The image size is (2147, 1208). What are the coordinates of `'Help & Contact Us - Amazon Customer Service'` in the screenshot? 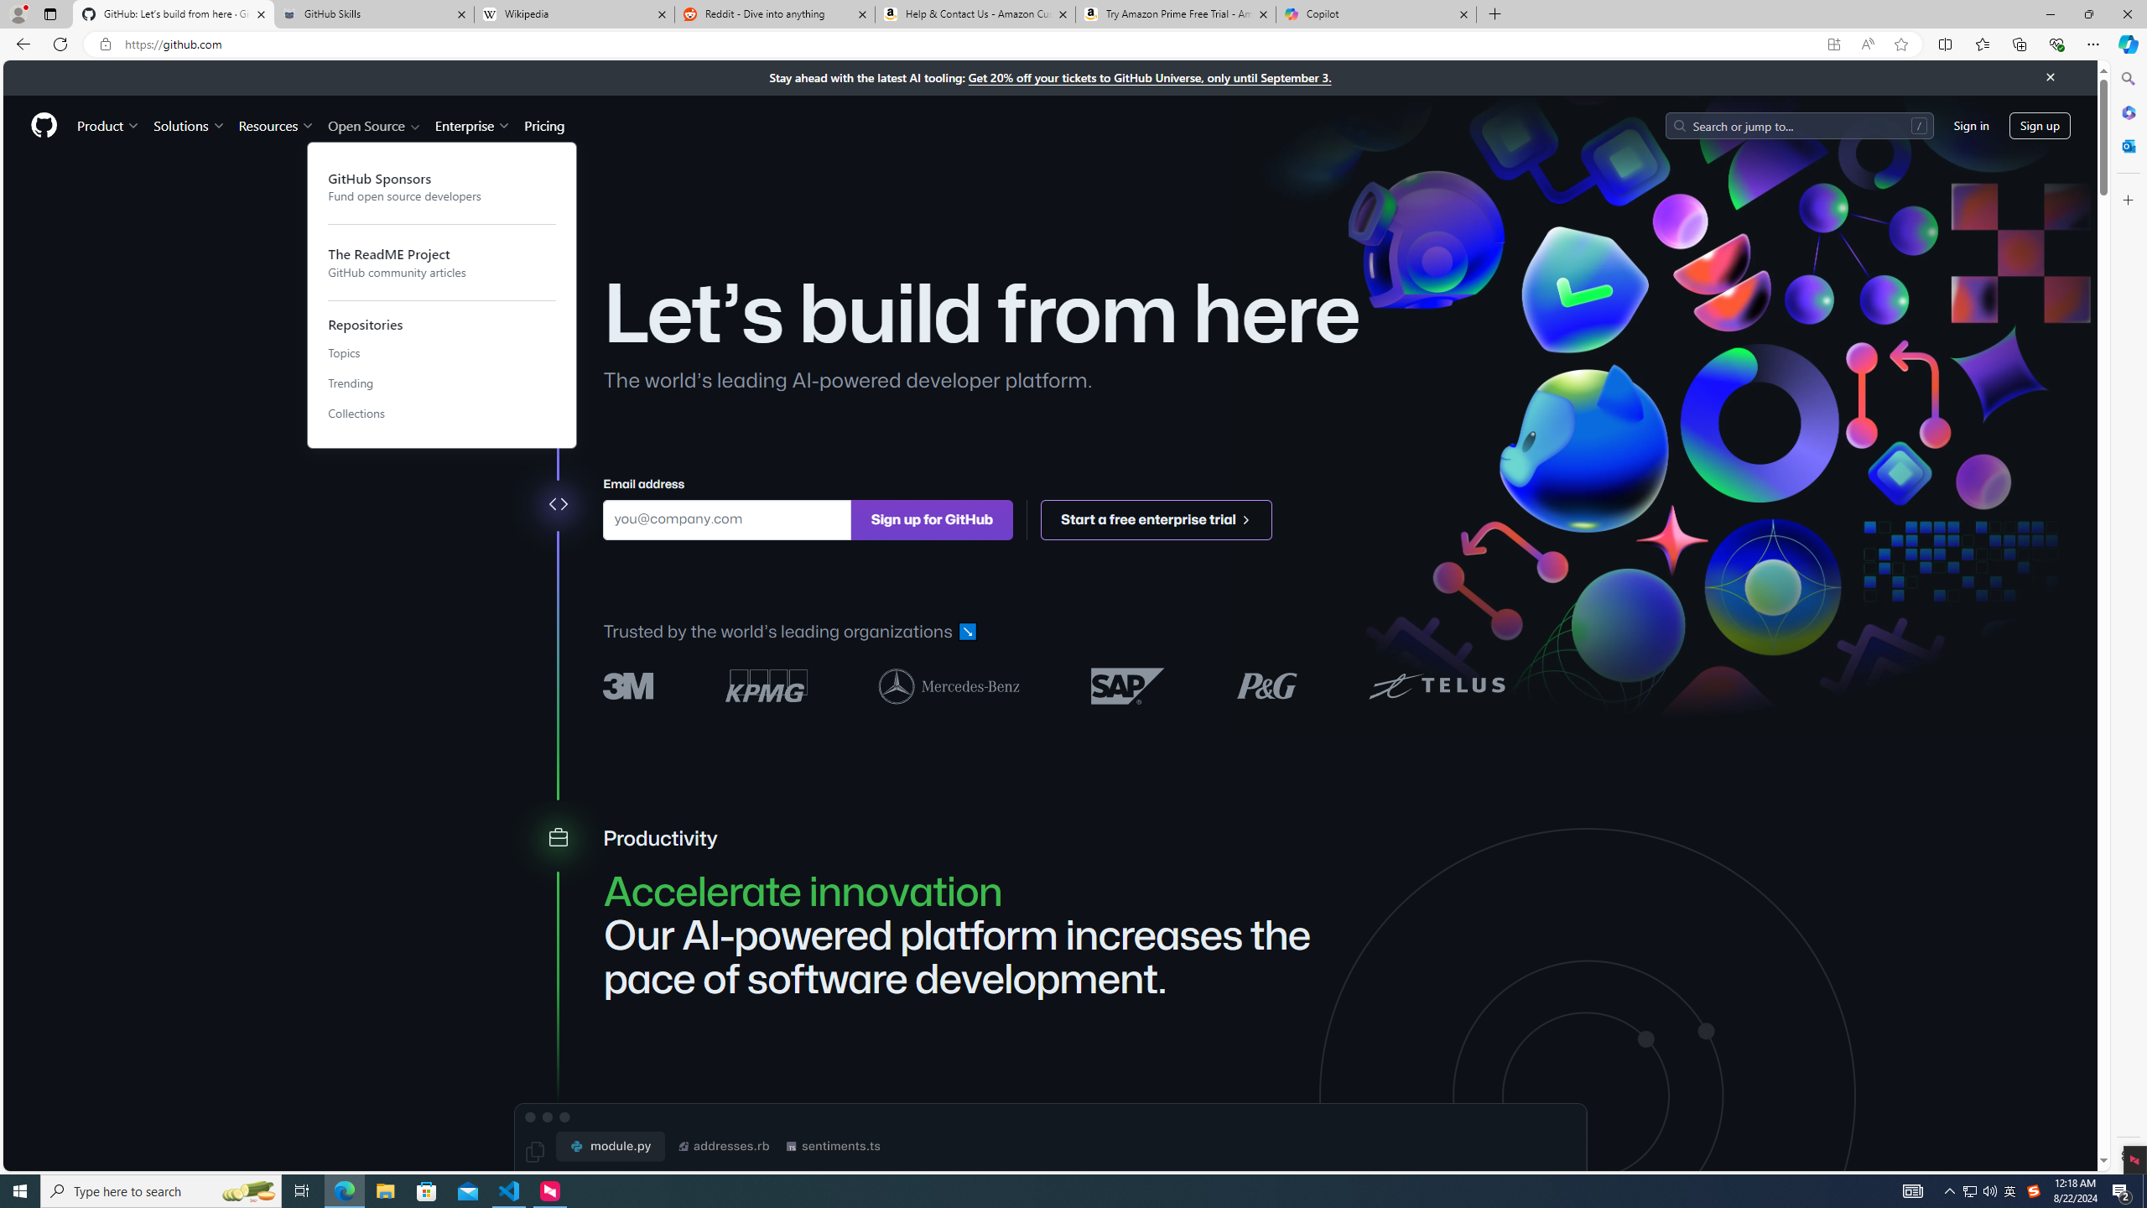 It's located at (974, 13).